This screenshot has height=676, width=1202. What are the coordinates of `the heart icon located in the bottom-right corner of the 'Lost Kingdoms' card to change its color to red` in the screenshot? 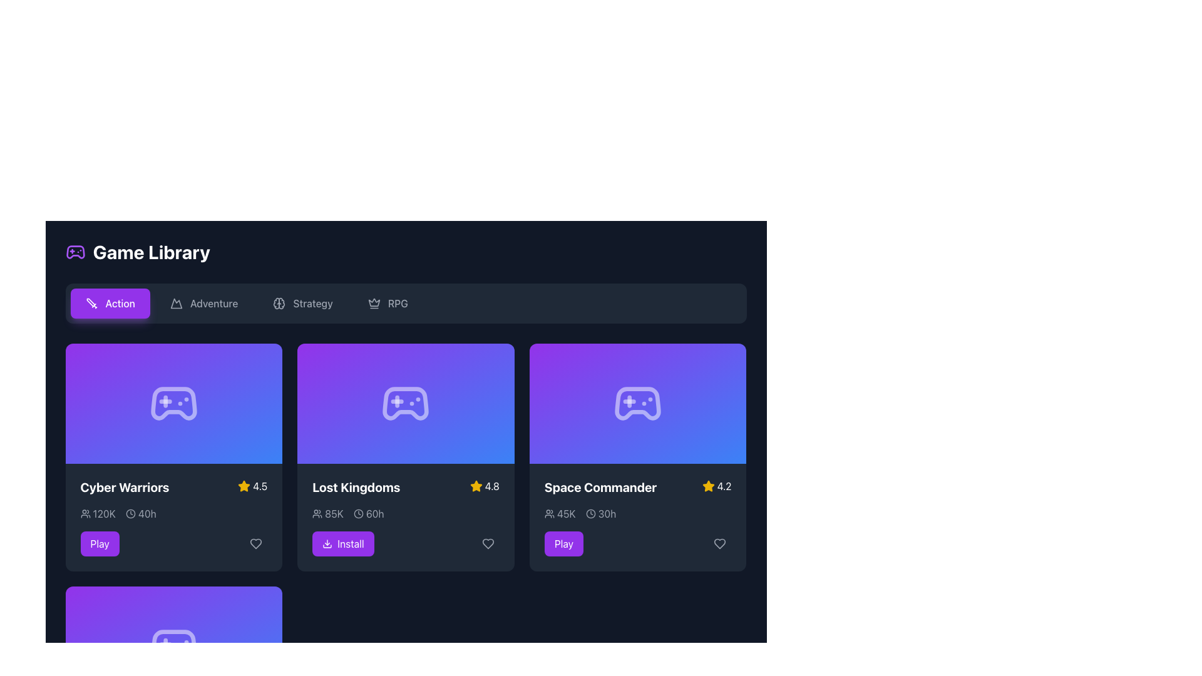 It's located at (487, 543).